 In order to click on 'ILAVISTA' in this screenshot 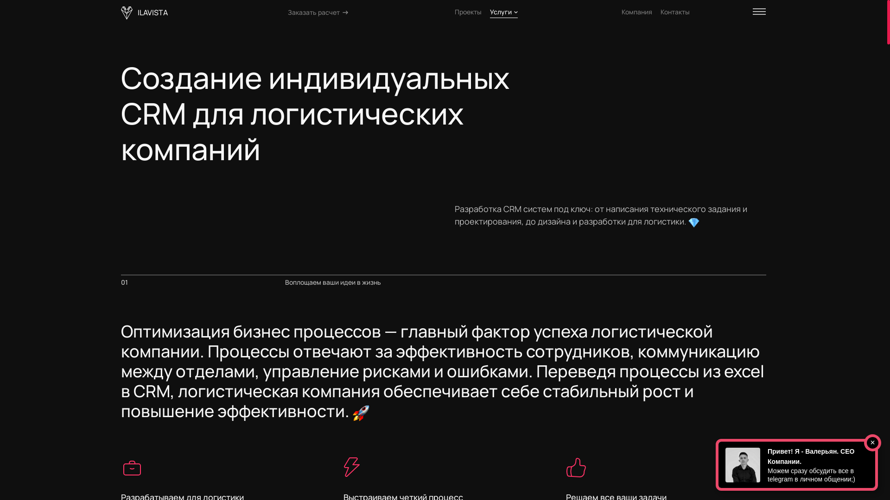, I will do `click(144, 13)`.